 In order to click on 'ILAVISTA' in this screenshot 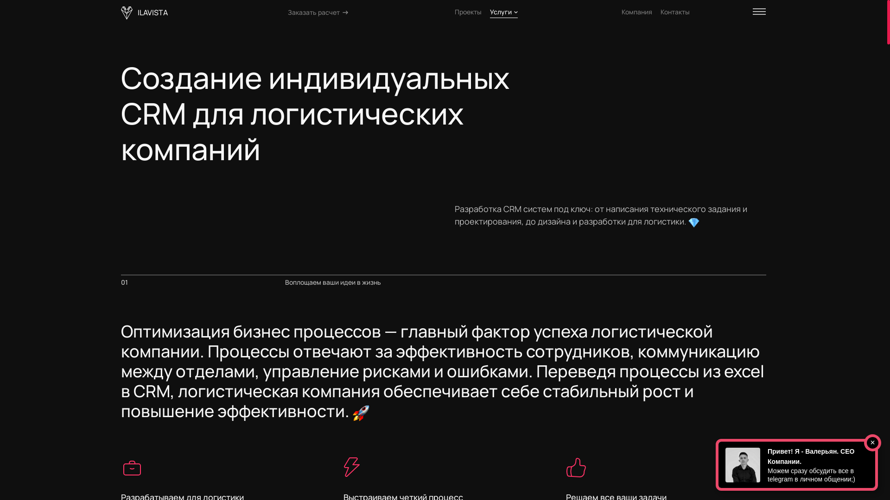, I will do `click(144, 13)`.